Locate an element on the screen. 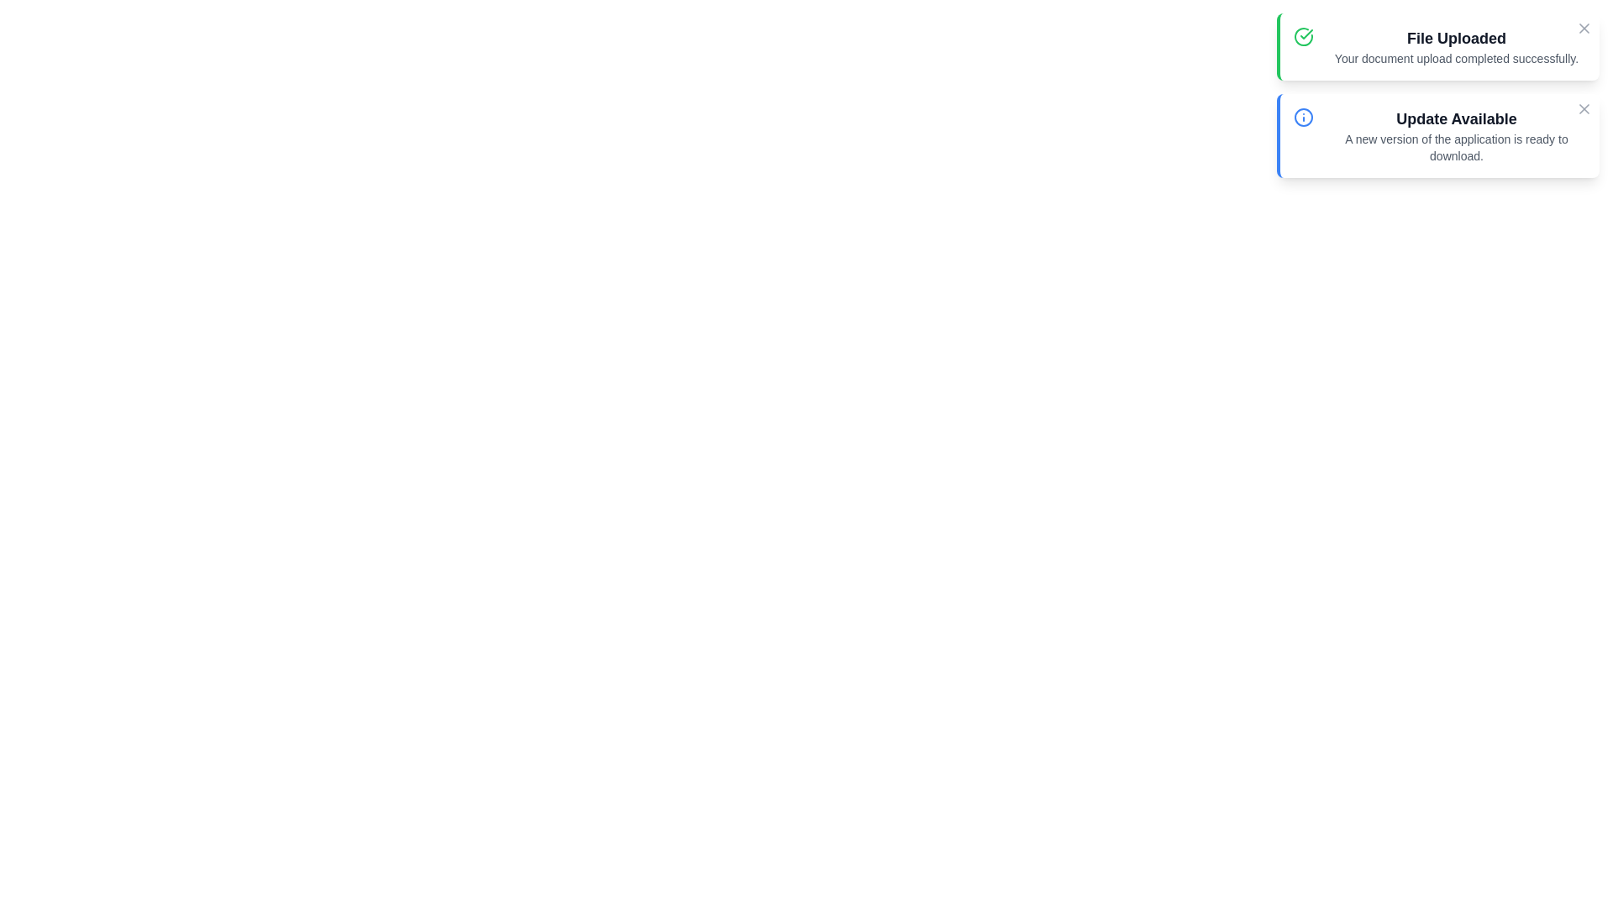  the notification with title File Uploaded is located at coordinates (1437, 46).